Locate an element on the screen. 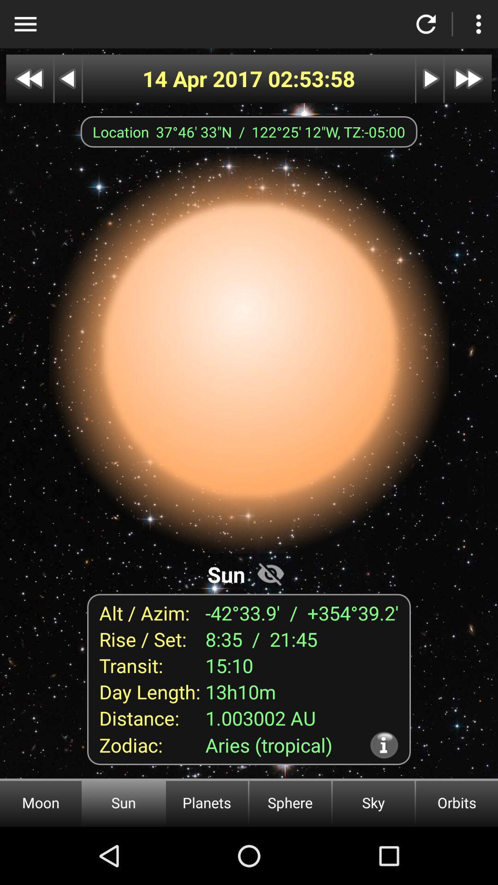  previous is located at coordinates (67, 79).